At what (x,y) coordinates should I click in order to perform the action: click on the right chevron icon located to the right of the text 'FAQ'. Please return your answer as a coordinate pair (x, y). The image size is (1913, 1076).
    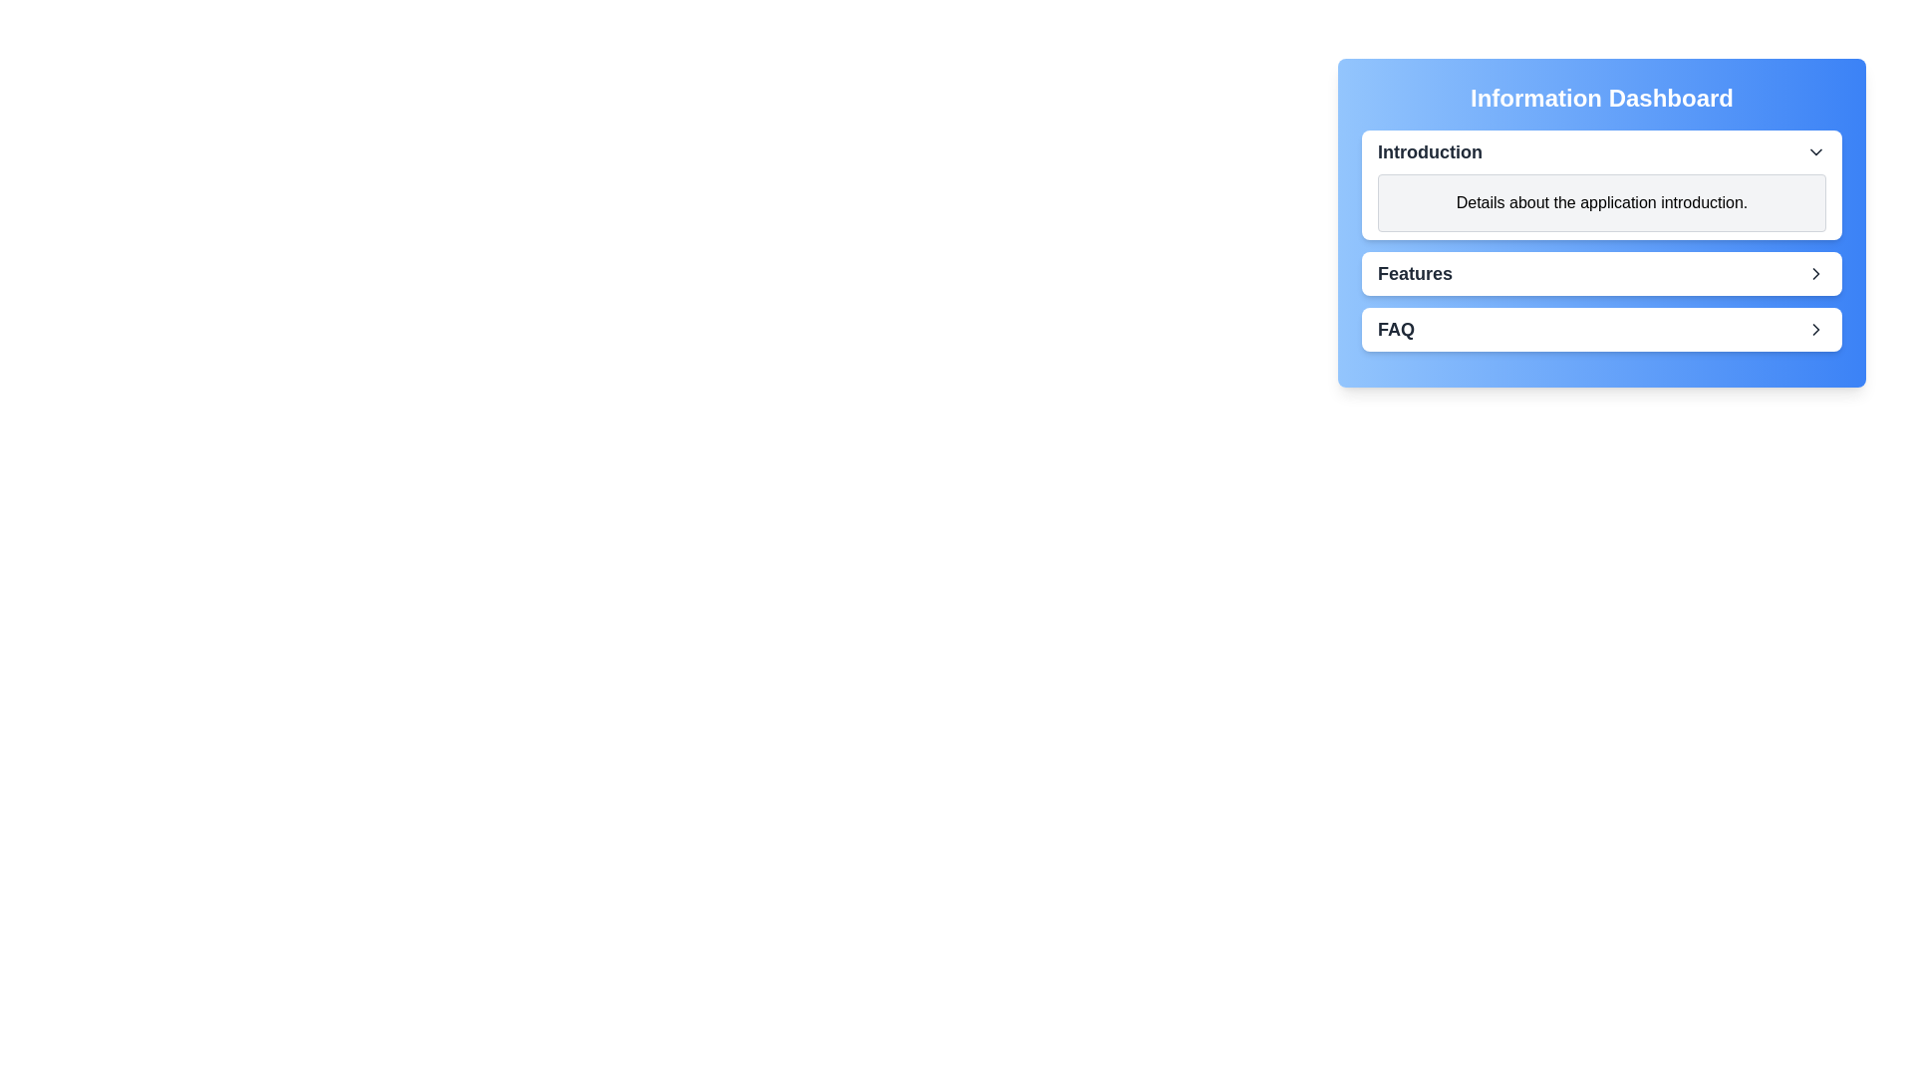
    Looking at the image, I should click on (1816, 329).